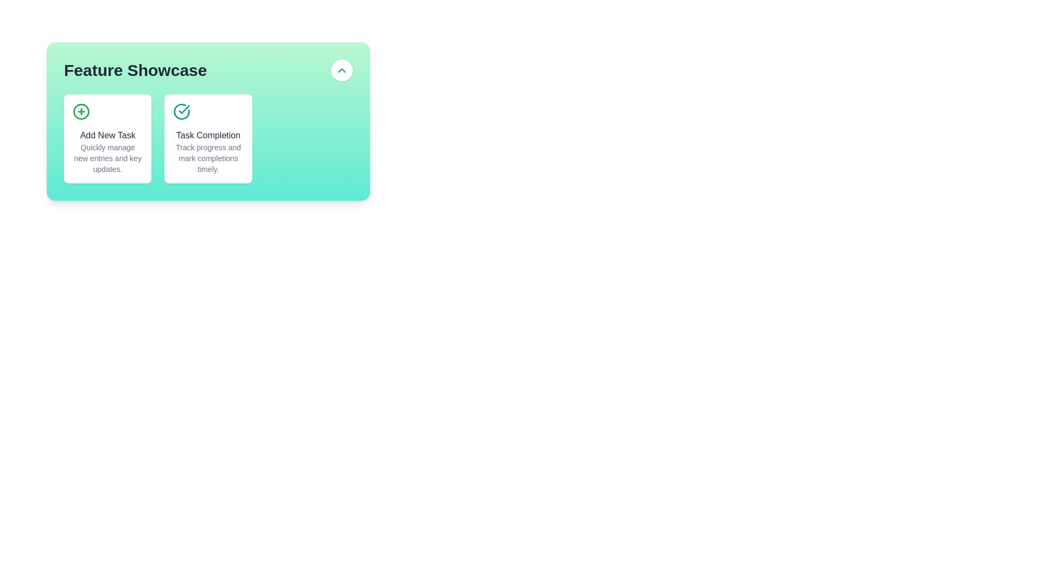 The image size is (1042, 586). What do you see at coordinates (107, 158) in the screenshot?
I see `the text label providing additional descriptive information for the 'Add New Task' feature` at bounding box center [107, 158].